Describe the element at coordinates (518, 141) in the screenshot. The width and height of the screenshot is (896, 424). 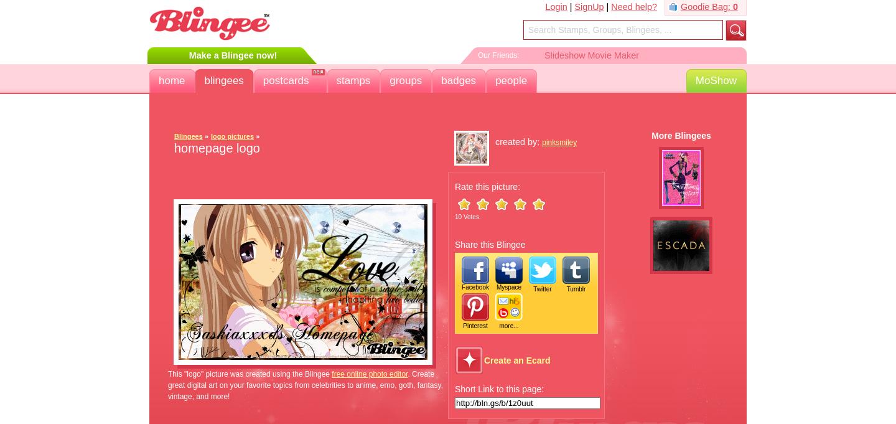
I see `'created by:'` at that location.